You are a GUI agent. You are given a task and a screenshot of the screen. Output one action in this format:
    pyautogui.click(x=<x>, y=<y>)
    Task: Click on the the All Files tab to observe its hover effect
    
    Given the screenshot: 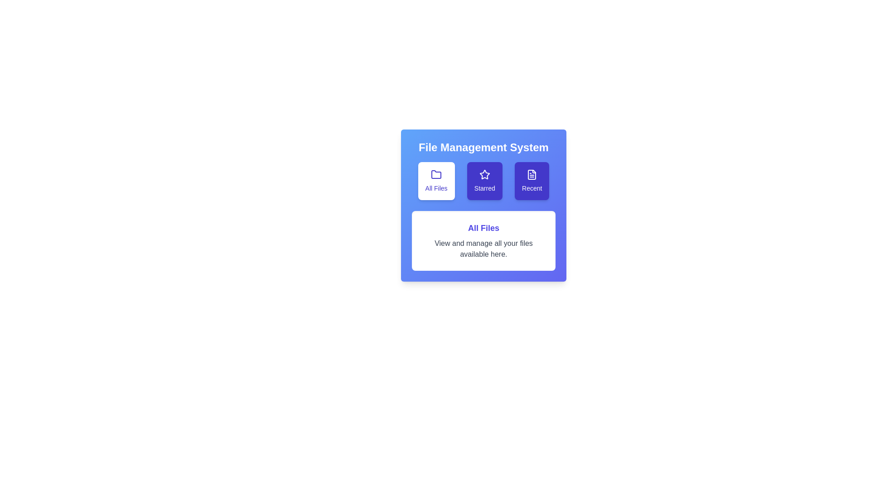 What is the action you would take?
    pyautogui.click(x=436, y=181)
    